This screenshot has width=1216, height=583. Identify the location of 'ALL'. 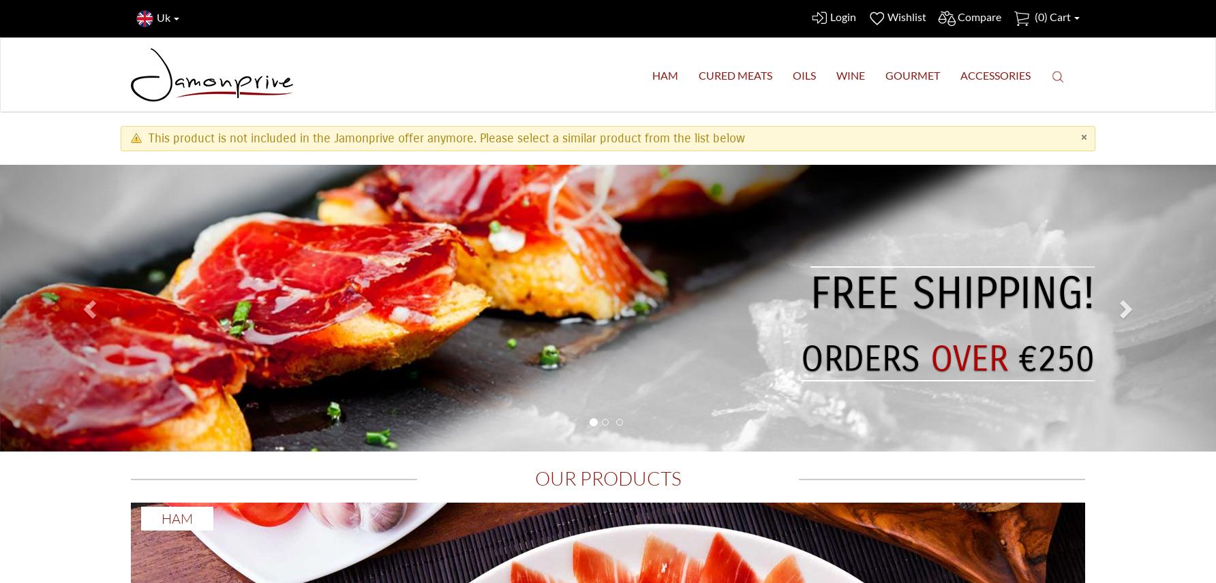
(1078, 358).